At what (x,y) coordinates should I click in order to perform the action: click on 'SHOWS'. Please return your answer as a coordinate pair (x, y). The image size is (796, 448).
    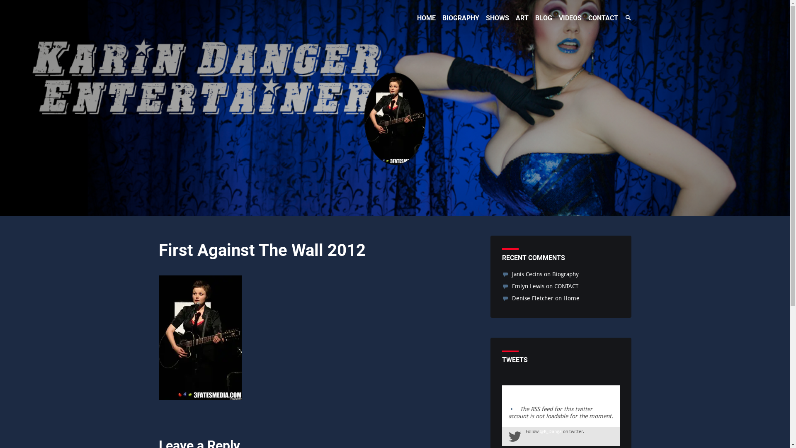
    Looking at the image, I should click on (498, 18).